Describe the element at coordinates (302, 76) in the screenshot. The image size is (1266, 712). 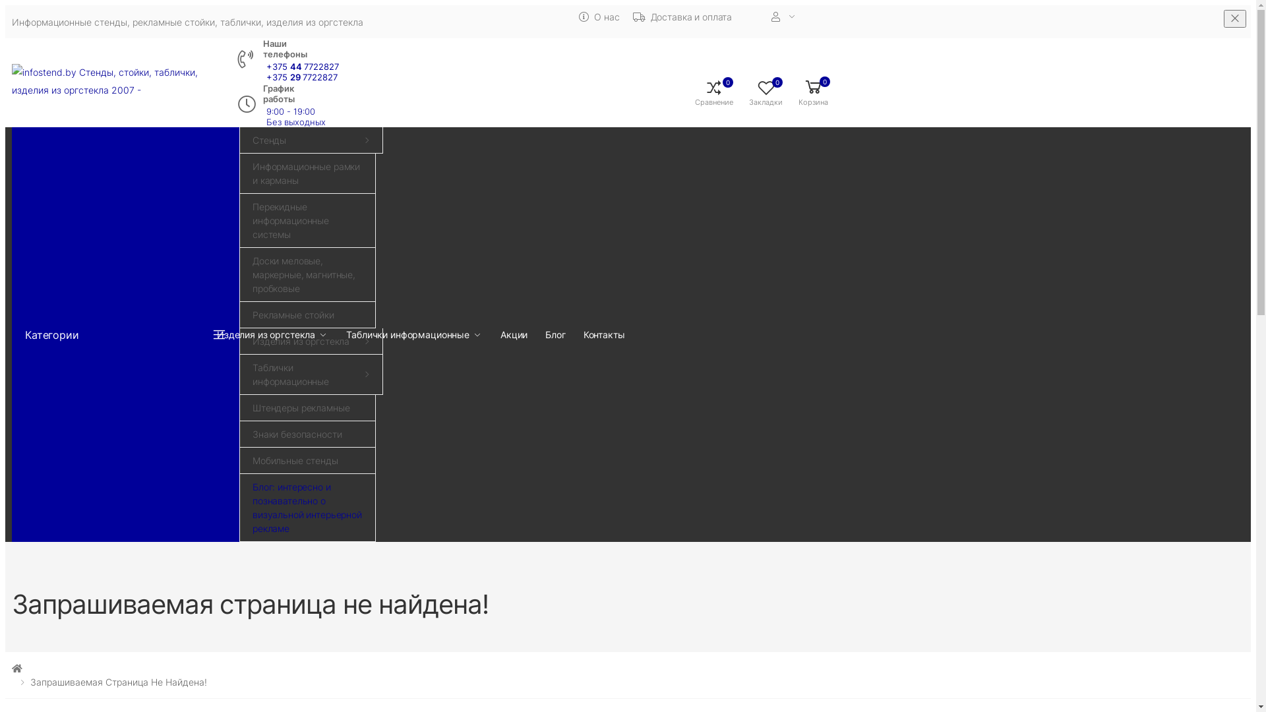
I see `'+375 29 7722827'` at that location.